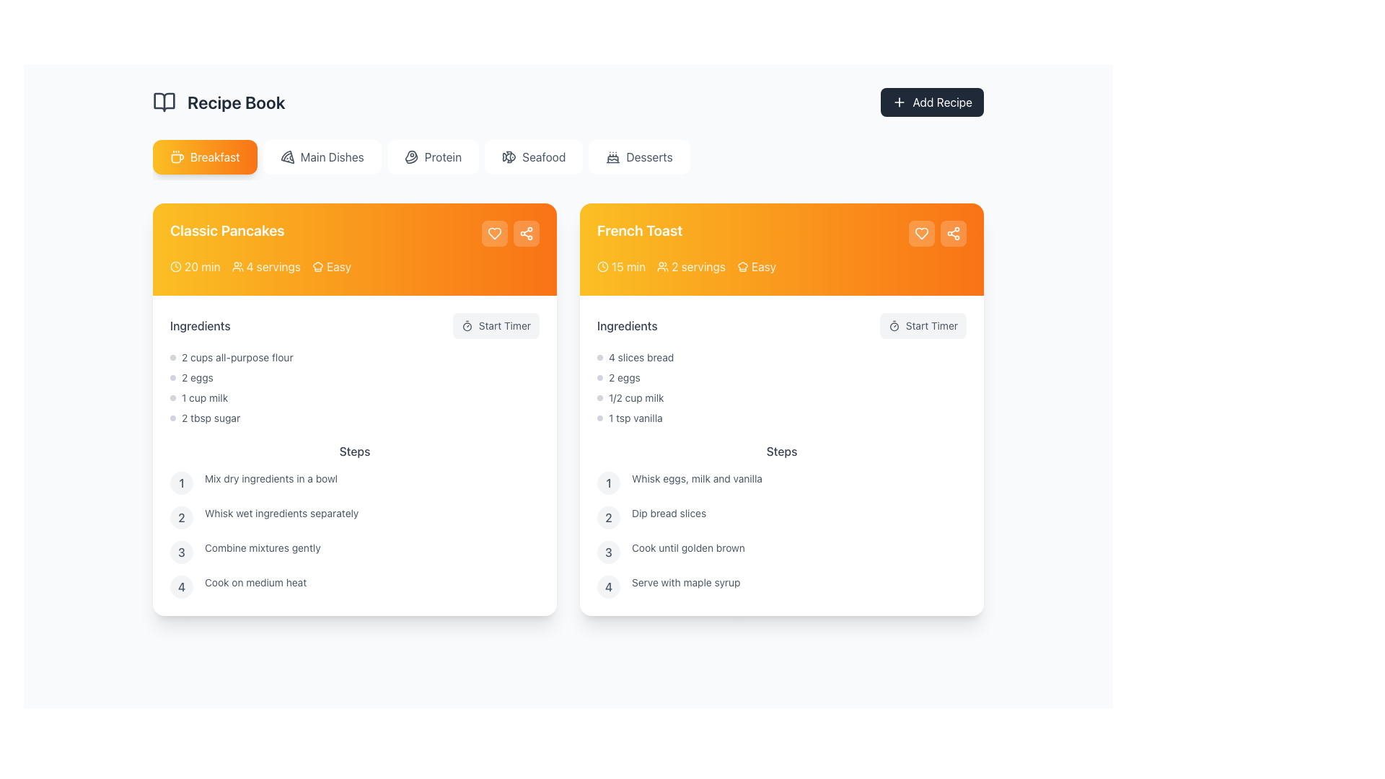 This screenshot has height=779, width=1385. I want to click on the ingredient quantity and type text label located between '2 cups all-purpose flour' and '1 cup milk' in the 'Ingredients' section of the 'Classic Pancakes' recipe card, so click(196, 377).